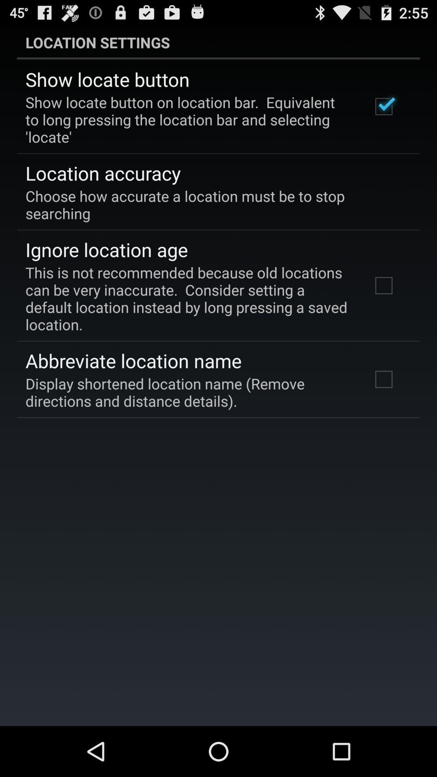  I want to click on abbreviate location name, so click(133, 360).